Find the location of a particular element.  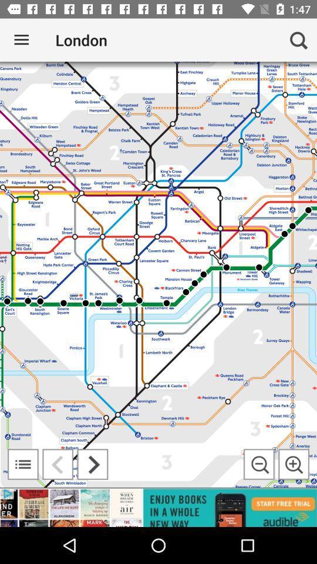

zoom out is located at coordinates (259, 464).